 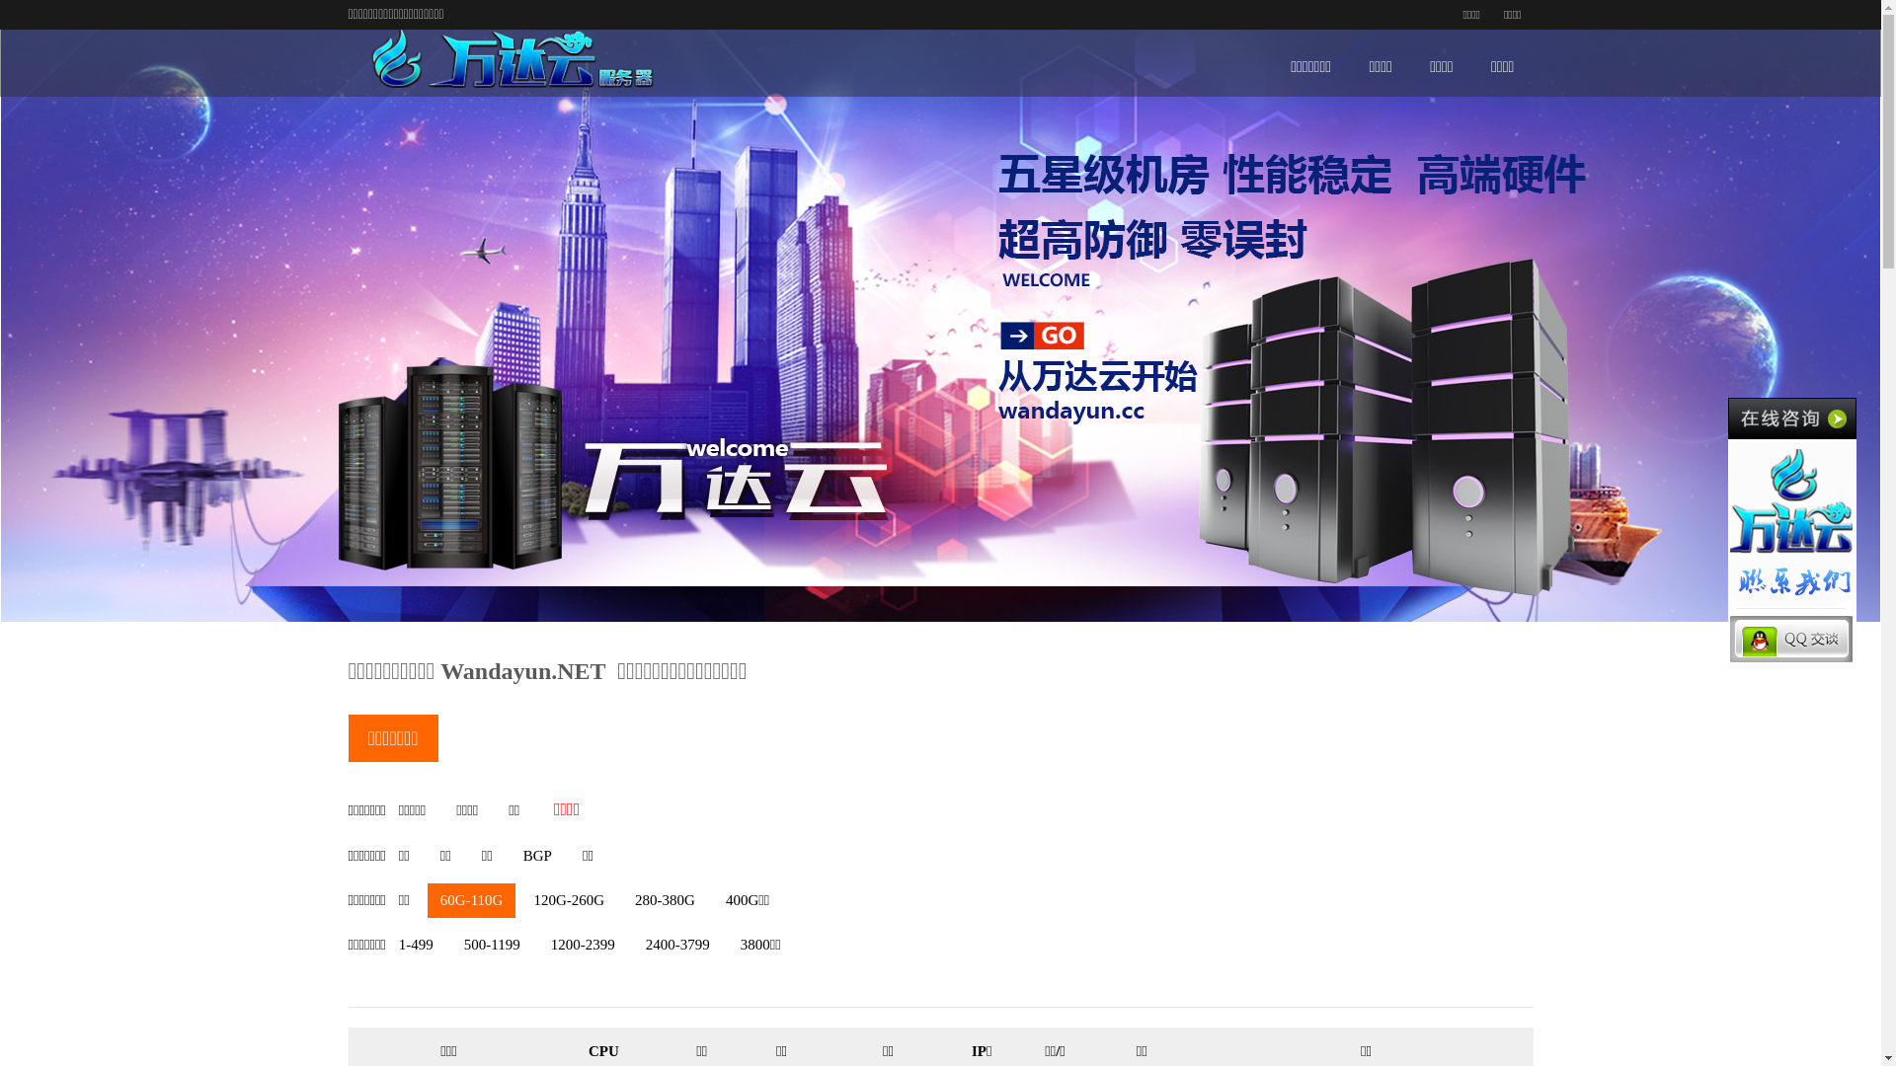 I want to click on '280-380G', so click(x=665, y=900).